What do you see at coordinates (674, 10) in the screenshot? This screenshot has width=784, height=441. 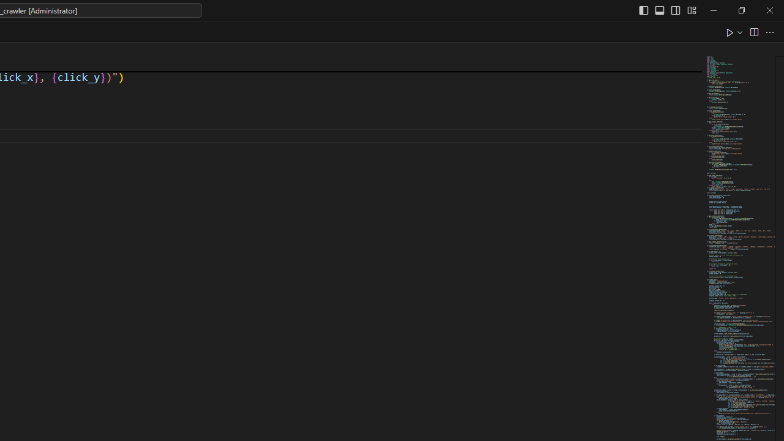 I see `'Toggle Secondary Side Bar (Ctrl+Alt+B)'` at bounding box center [674, 10].